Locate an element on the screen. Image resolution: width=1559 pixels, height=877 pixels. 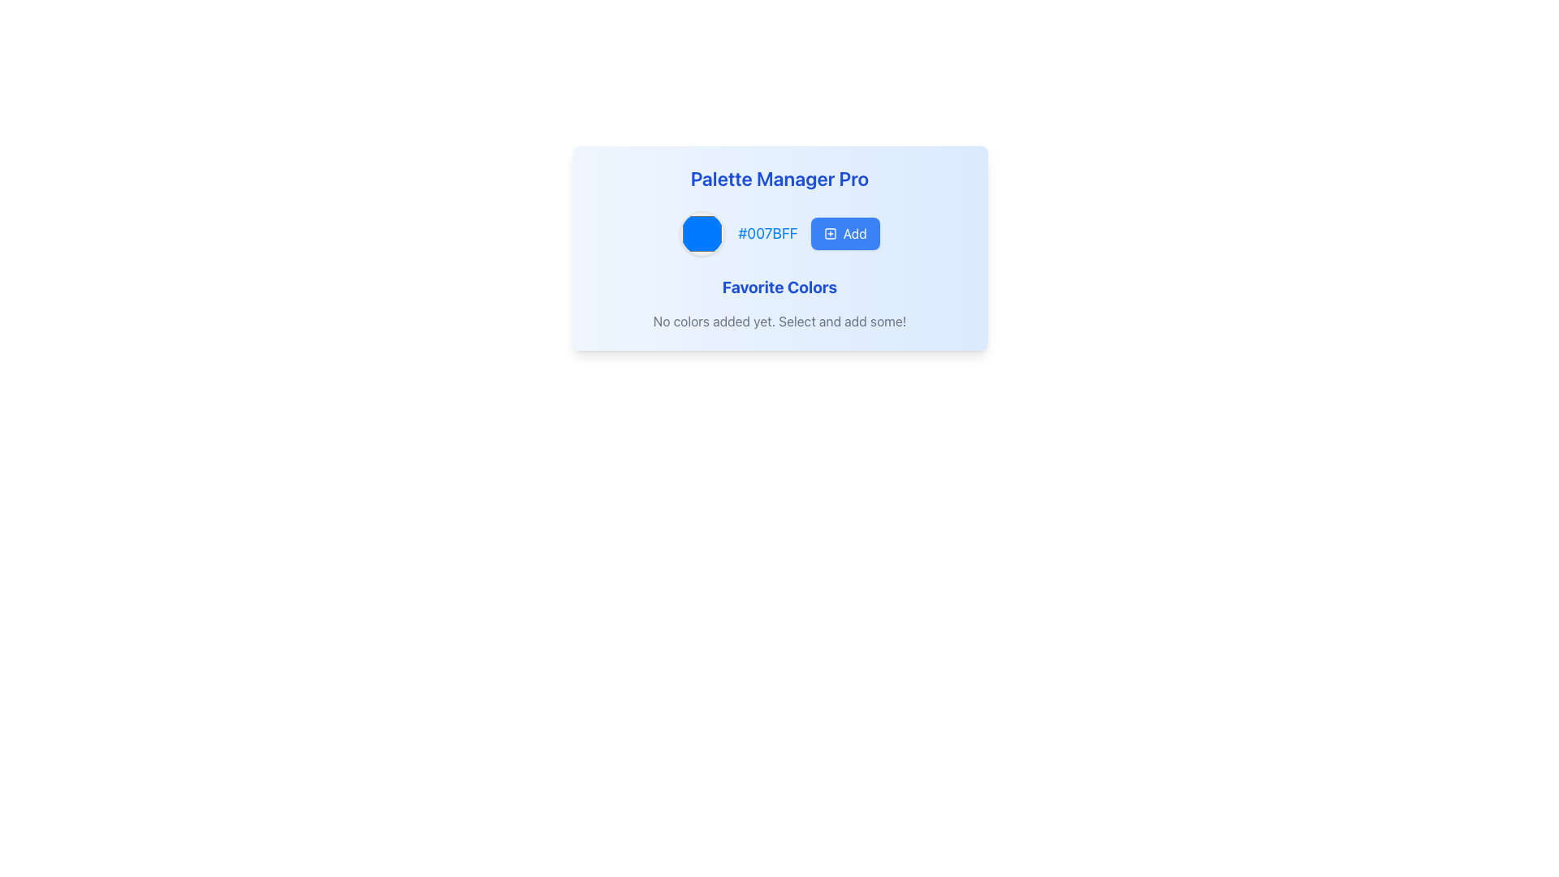
the Text Label displaying the color code '#007BFF' in a bold, blue font, which is positioned between a circular color preview and an 'Add' button is located at coordinates (767, 234).